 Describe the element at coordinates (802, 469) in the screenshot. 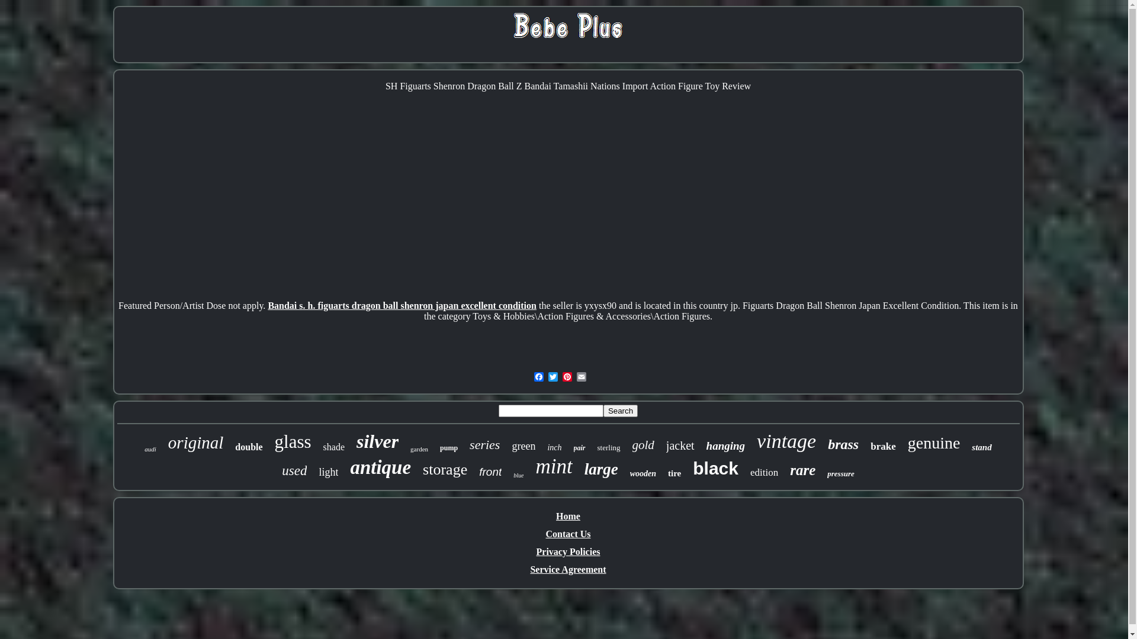

I see `'rare'` at that location.